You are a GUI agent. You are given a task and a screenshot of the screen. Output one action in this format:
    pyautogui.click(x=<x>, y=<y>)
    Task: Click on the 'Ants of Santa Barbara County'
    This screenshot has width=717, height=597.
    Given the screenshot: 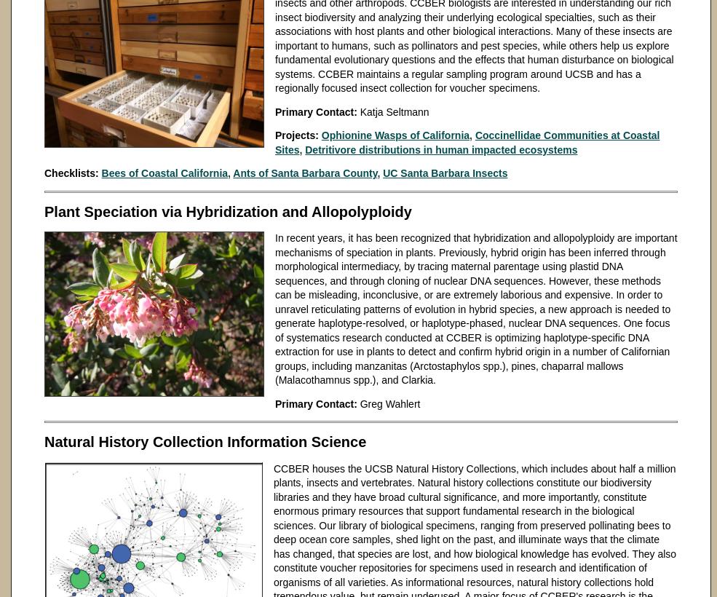 What is the action you would take?
    pyautogui.click(x=304, y=172)
    